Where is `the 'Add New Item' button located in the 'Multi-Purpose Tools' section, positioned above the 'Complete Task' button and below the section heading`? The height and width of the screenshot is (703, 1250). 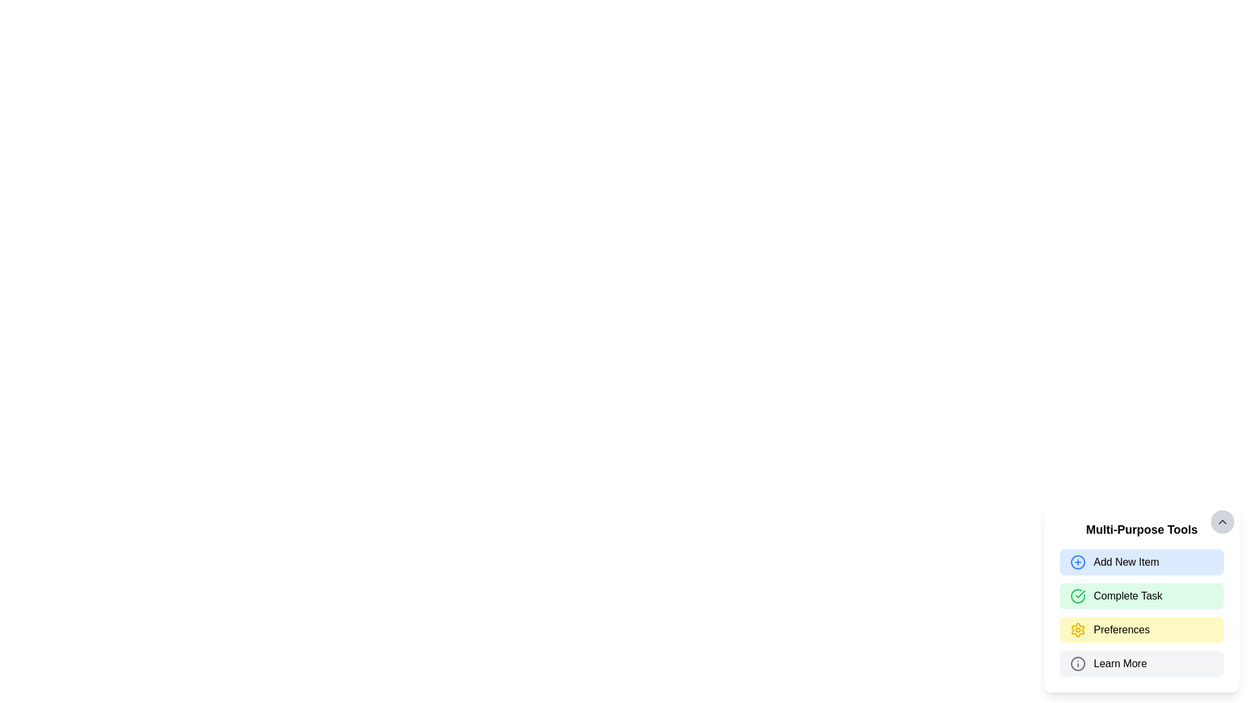 the 'Add New Item' button located in the 'Multi-Purpose Tools' section, positioned above the 'Complete Task' button and below the section heading is located at coordinates (1141, 562).